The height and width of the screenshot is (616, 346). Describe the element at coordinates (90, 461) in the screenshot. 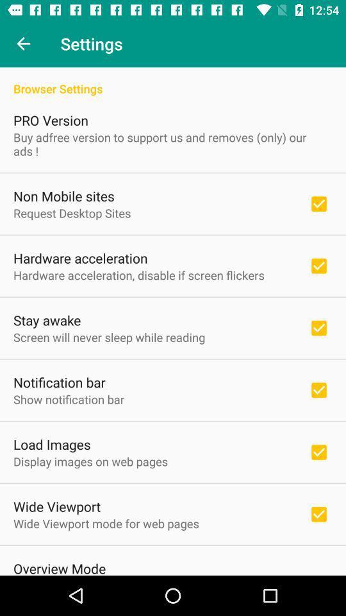

I see `item below the load images icon` at that location.